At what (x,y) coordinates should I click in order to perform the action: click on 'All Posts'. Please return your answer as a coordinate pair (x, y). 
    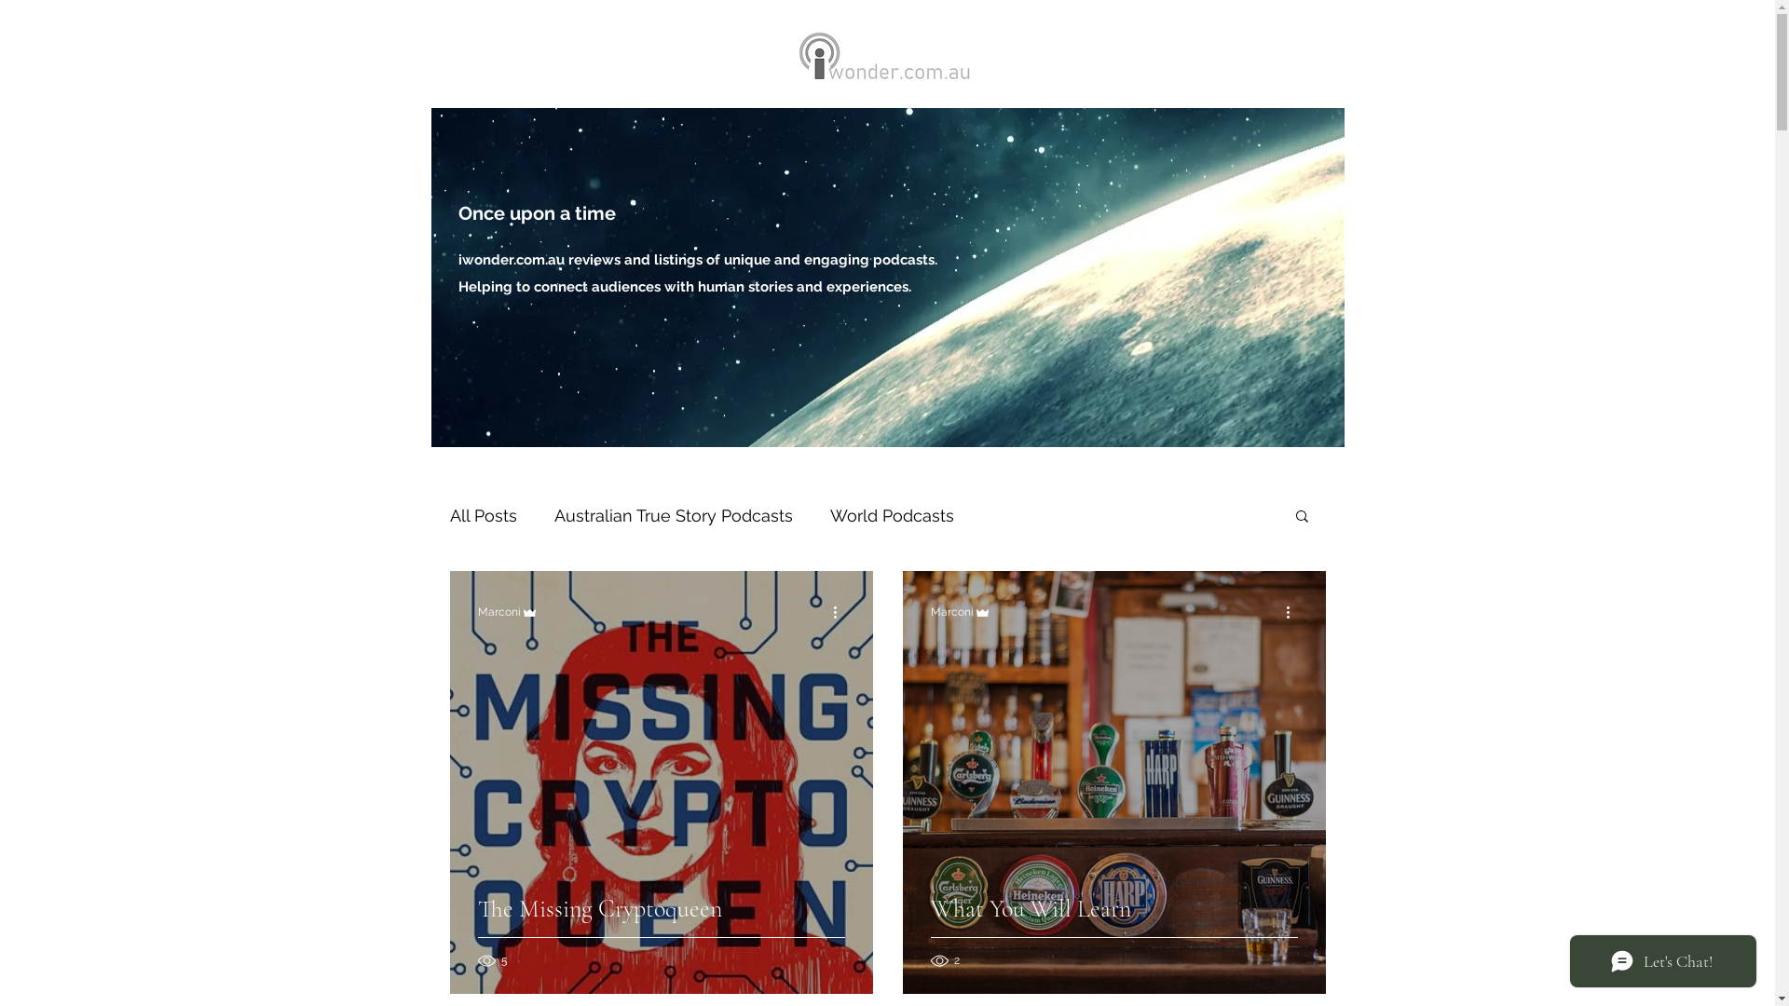
    Looking at the image, I should click on (483, 514).